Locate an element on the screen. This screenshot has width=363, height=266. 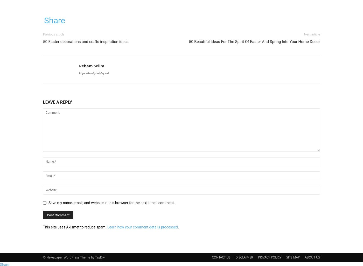
'Previous article' is located at coordinates (54, 34).